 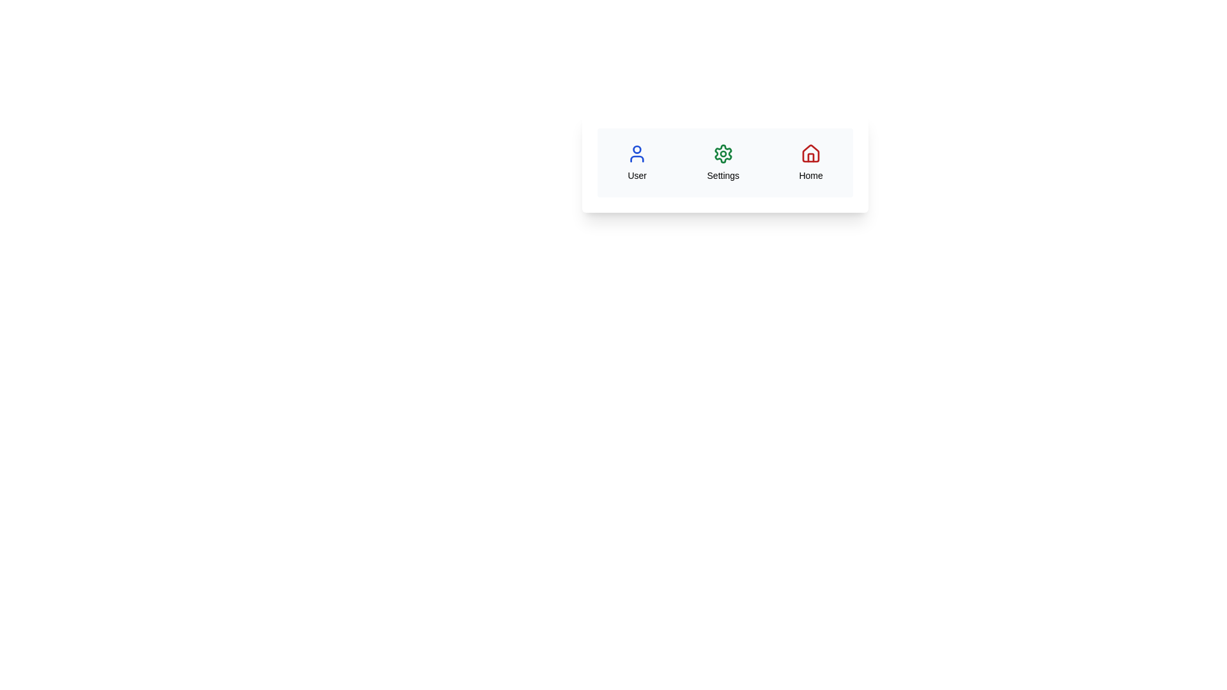 I want to click on the 'Settings' SVG graphical icon, so click(x=723, y=153).